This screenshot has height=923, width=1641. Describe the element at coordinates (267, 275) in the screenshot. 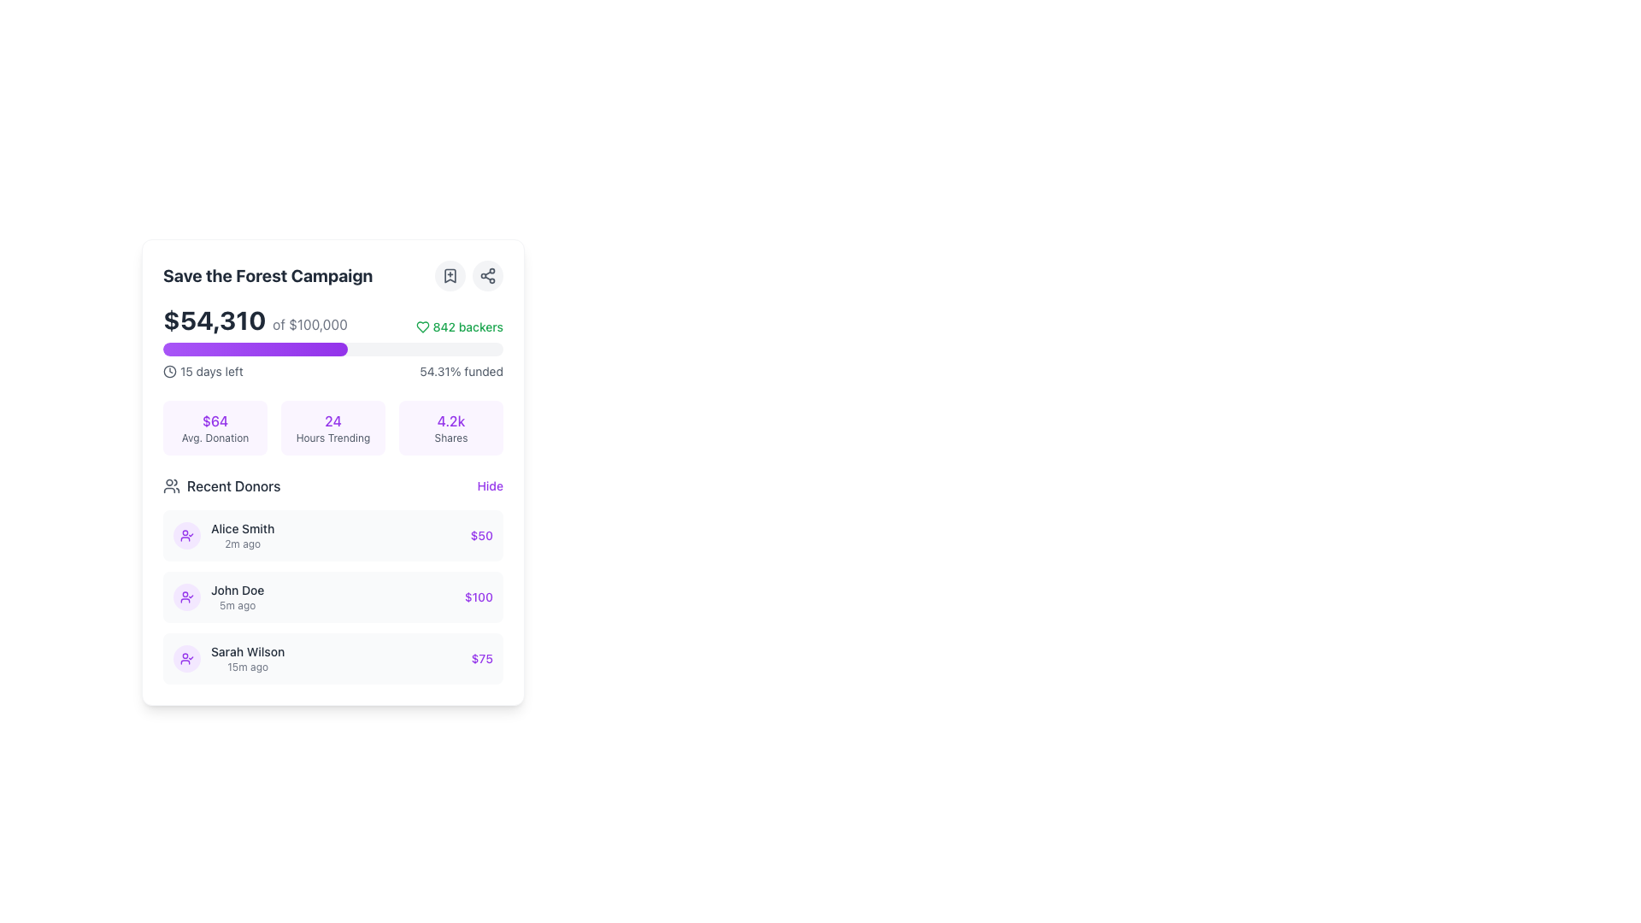

I see `the text label reading 'Save the Forest Campaign', which is styled in bold and positioned at the top-left of a card-like component` at that location.